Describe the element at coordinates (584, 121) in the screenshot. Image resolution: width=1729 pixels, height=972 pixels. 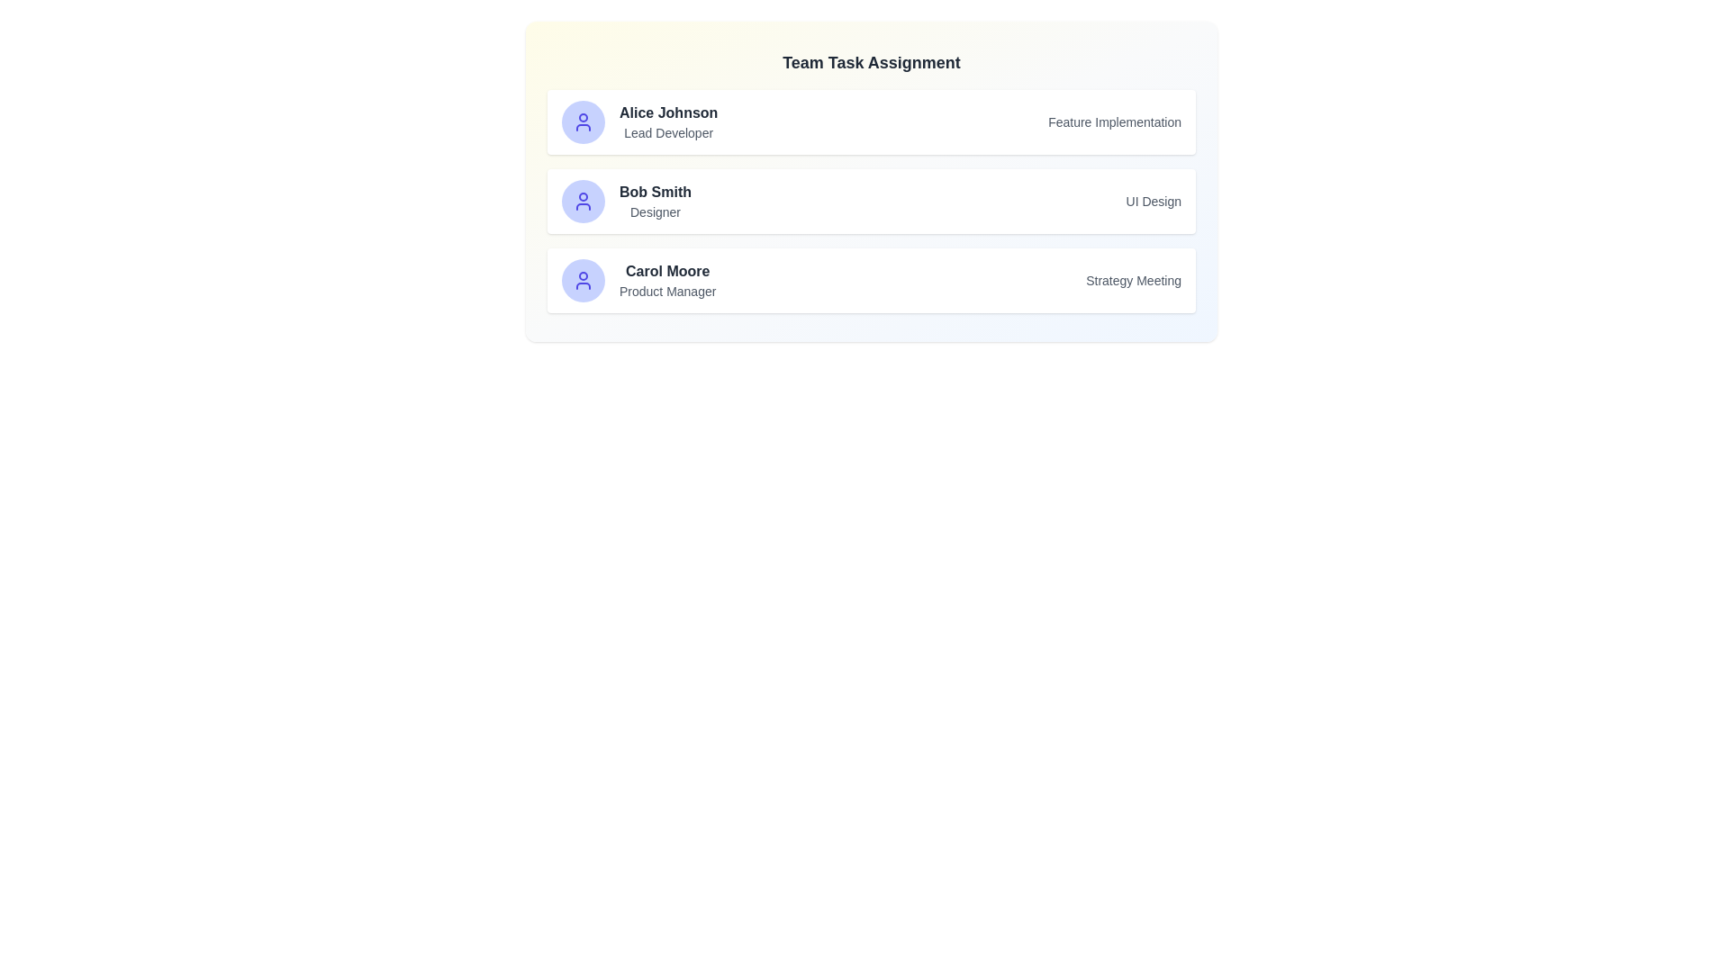
I see `the circular avatar icon representing Alice Johnson, which has a light indigo background and a deeper indigo user profile icon` at that location.